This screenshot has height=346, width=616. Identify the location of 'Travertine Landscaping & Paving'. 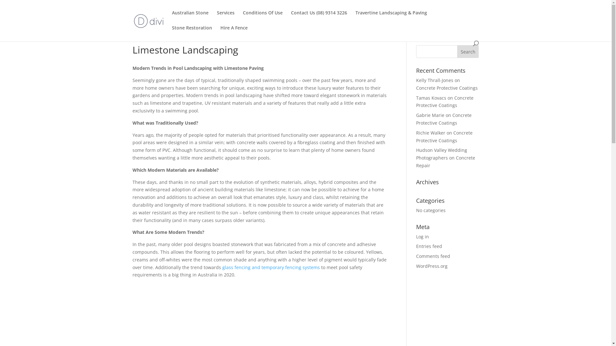
(391, 18).